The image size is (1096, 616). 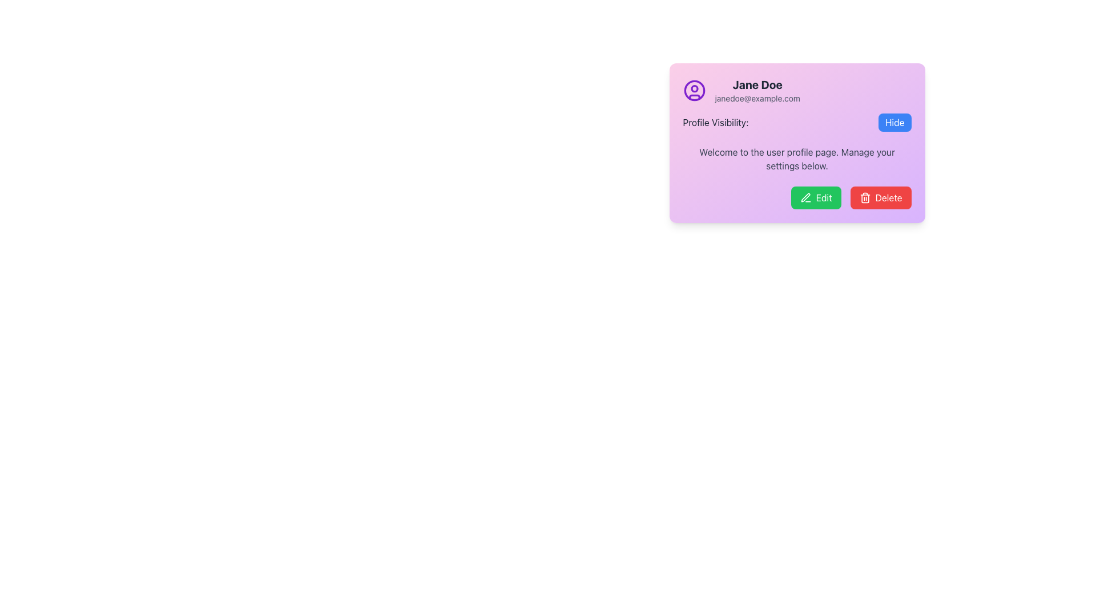 What do you see at coordinates (757, 84) in the screenshot?
I see `the text label displaying 'Jane Doe' in bold, extra-large font and dark gray color, located inside a light purple card` at bounding box center [757, 84].